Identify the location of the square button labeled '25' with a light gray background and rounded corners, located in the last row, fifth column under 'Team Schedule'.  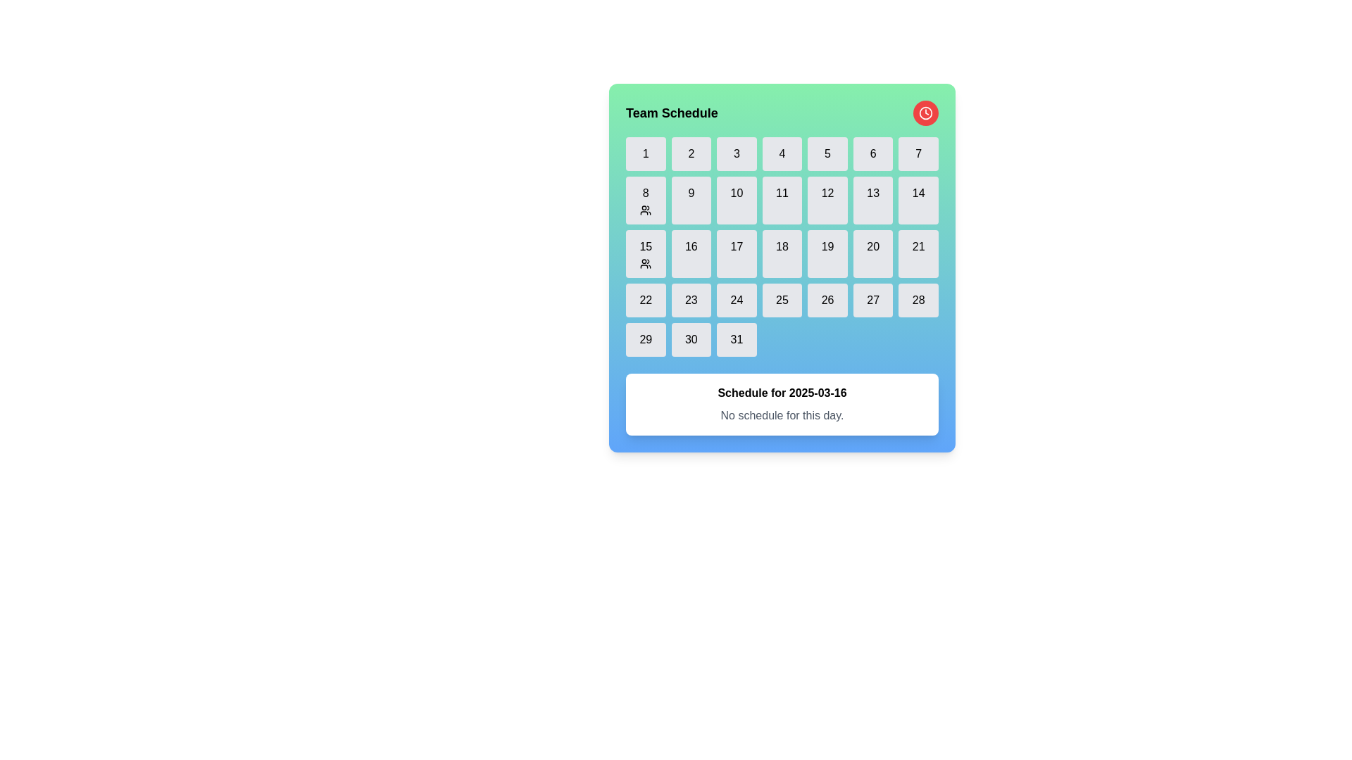
(781, 300).